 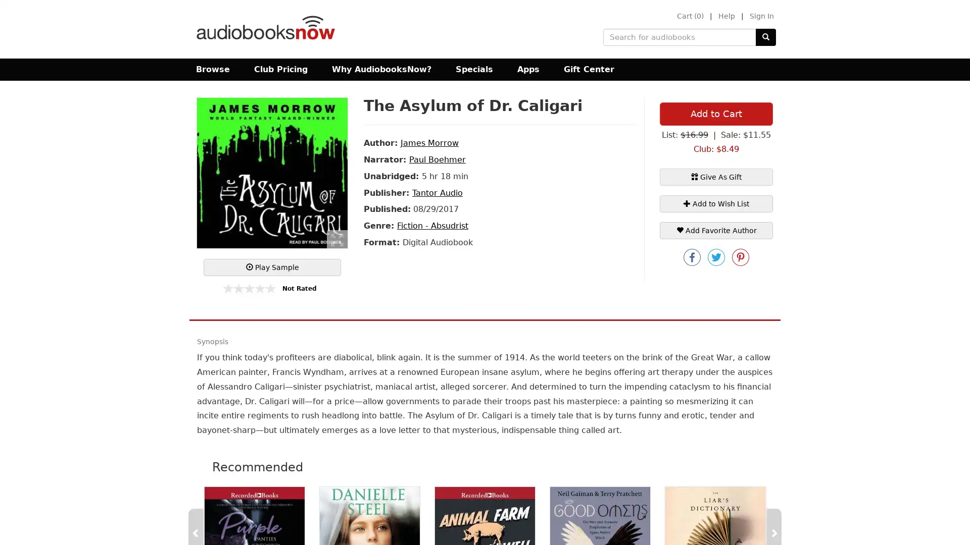 What do you see at coordinates (715, 177) in the screenshot?
I see `Give As Gift` at bounding box center [715, 177].